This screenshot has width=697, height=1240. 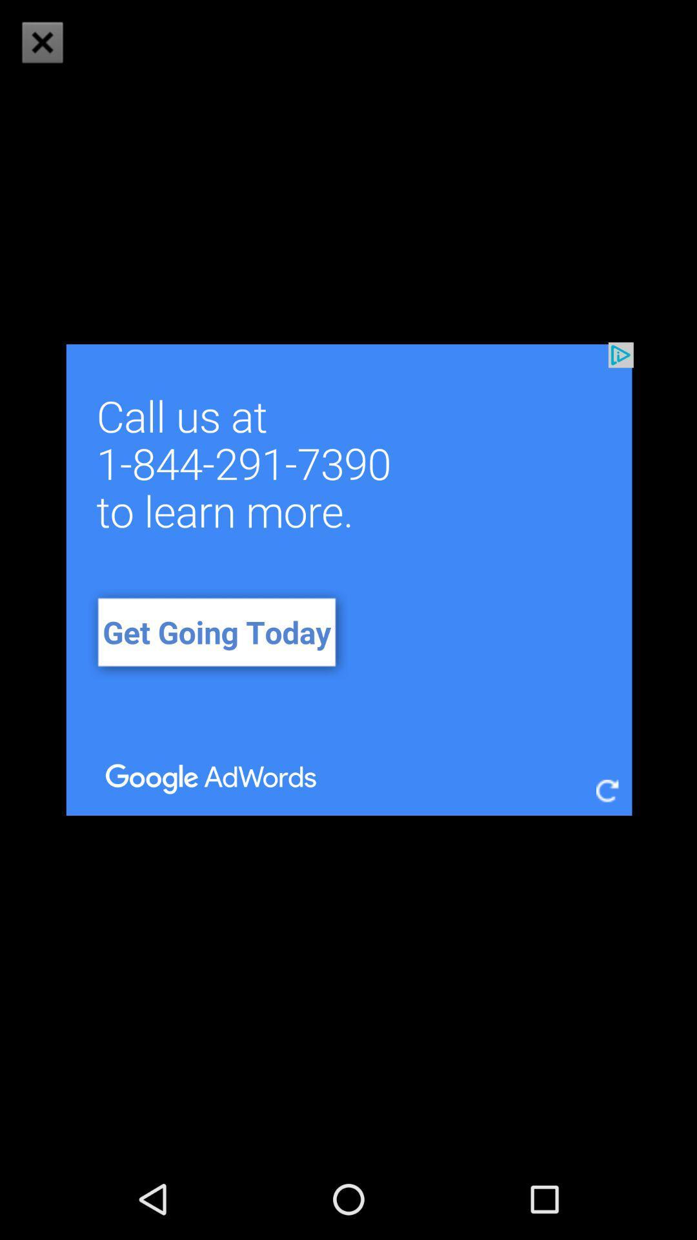 I want to click on the close icon, so click(x=41, y=45).